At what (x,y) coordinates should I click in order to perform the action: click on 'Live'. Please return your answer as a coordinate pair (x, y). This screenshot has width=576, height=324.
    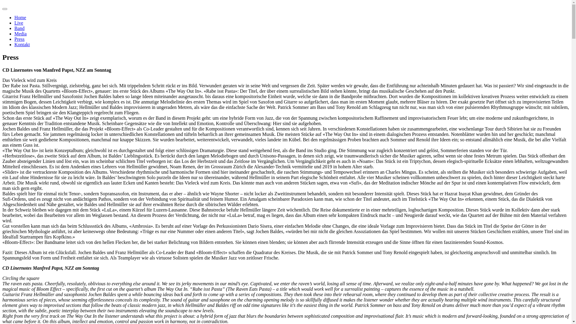
    Looking at the image, I should click on (19, 22).